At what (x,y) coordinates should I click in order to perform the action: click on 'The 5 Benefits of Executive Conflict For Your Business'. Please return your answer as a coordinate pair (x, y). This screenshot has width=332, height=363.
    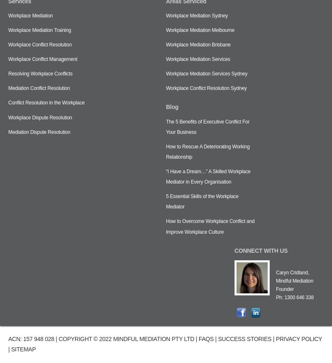
    Looking at the image, I should click on (207, 126).